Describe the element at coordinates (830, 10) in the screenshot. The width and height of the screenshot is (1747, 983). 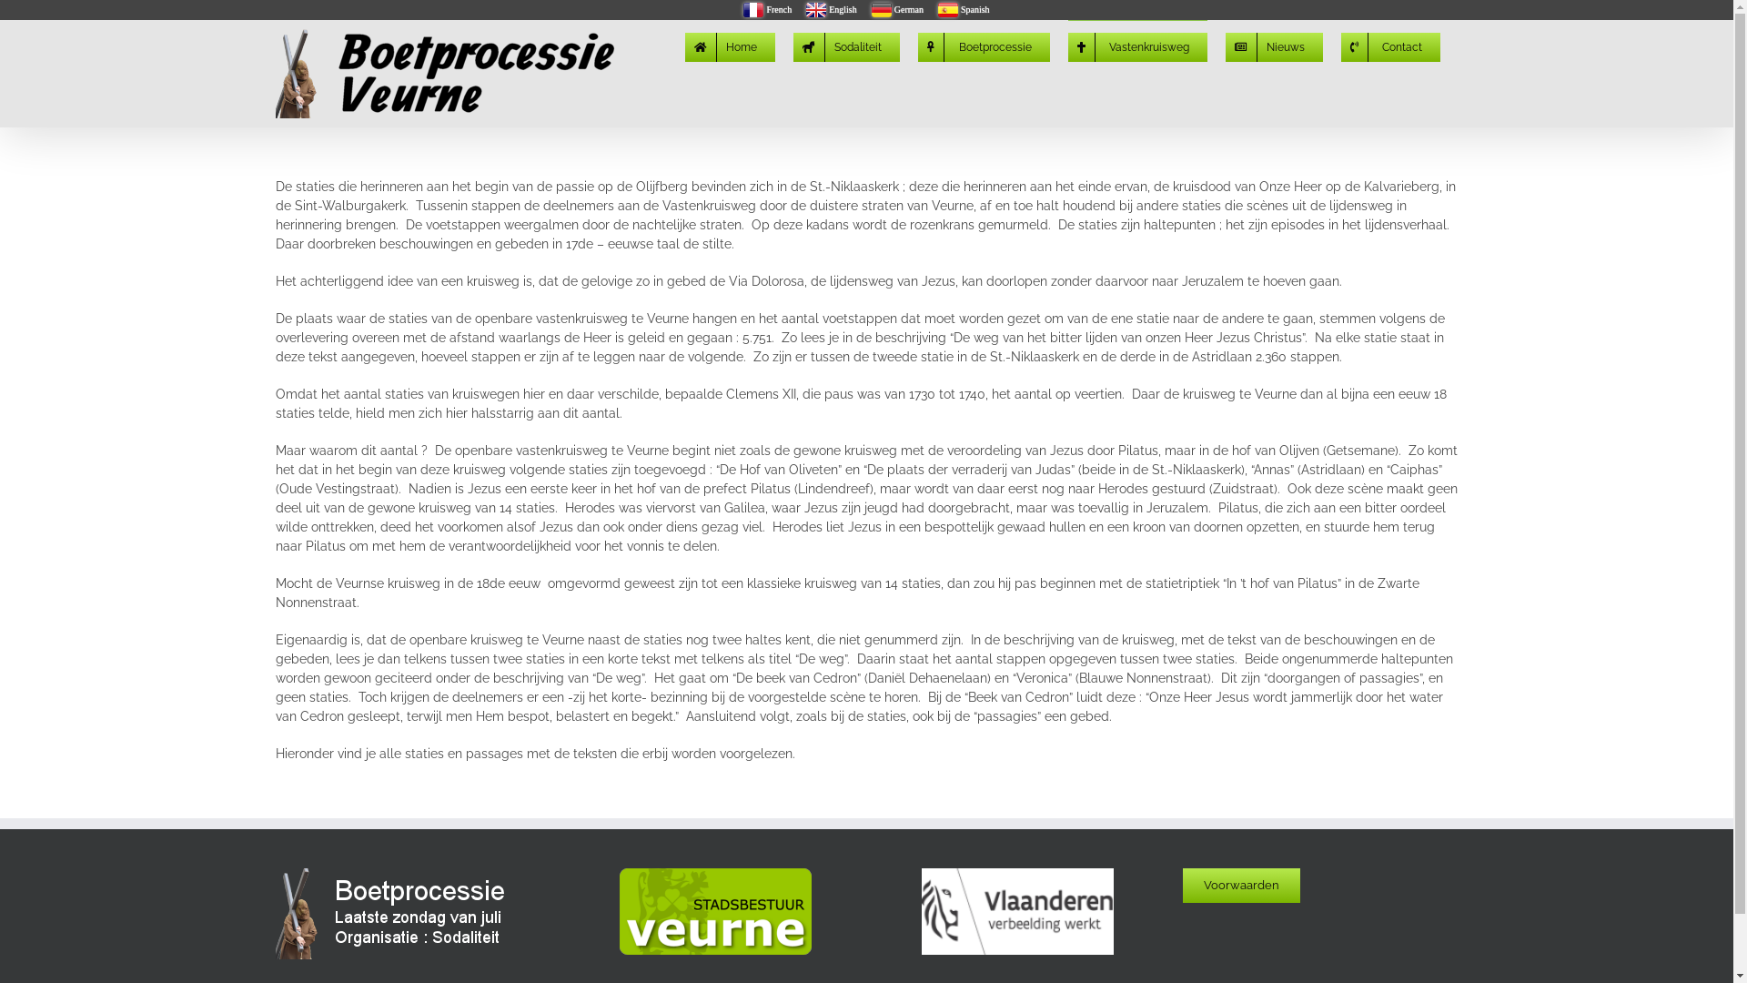
I see `'English'` at that location.